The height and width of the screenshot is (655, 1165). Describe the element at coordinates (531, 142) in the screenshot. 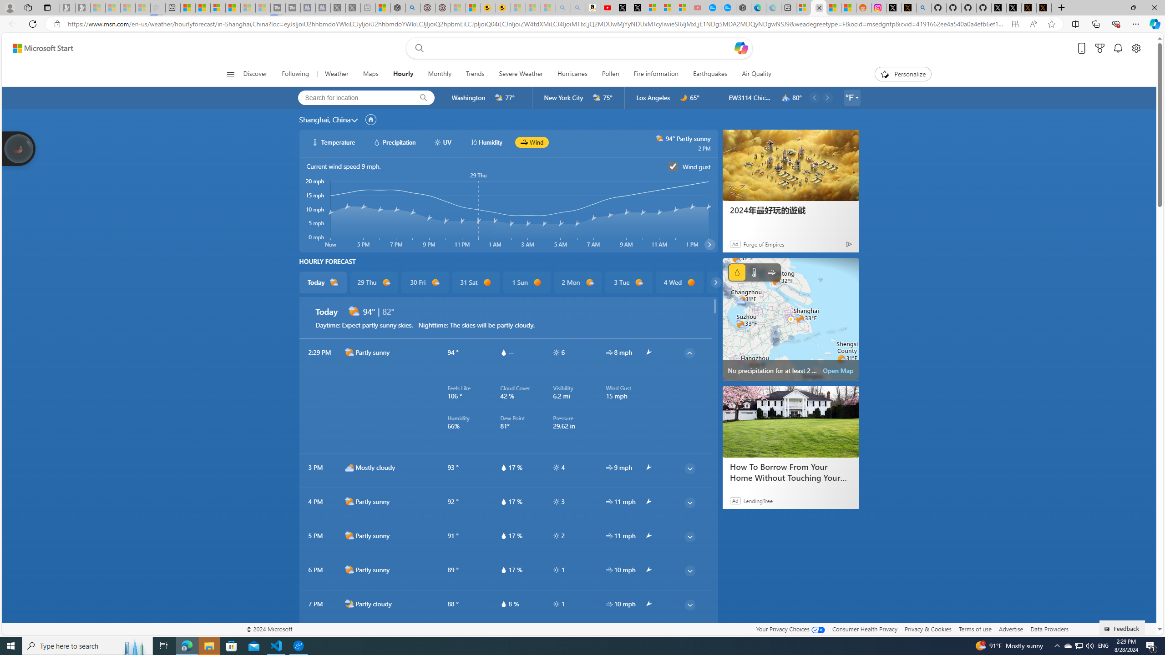

I see `'hourlyChart/windBlack Wind'` at that location.